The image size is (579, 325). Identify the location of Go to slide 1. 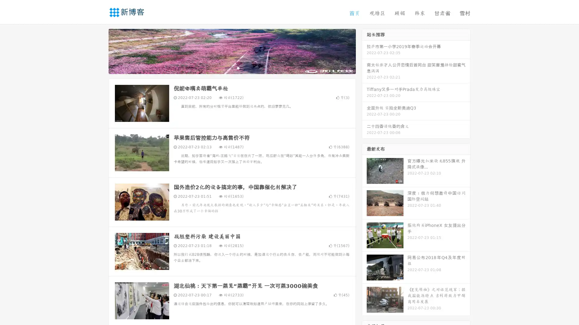
(226, 68).